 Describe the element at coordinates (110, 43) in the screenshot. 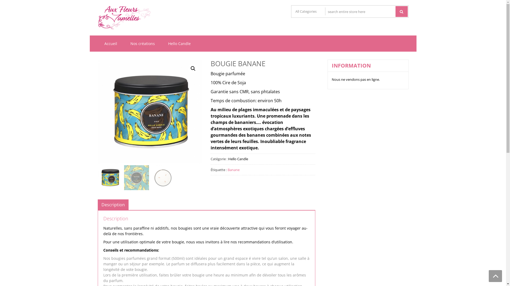

I see `'Accueil'` at that location.